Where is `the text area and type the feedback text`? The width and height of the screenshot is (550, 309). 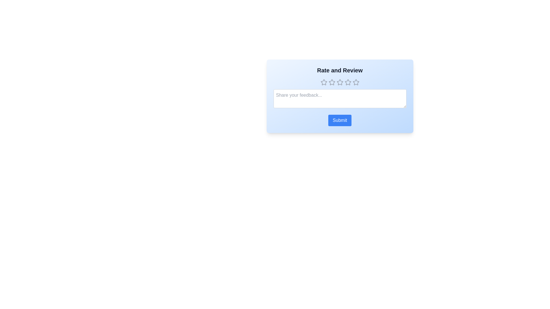 the text area and type the feedback text is located at coordinates (340, 98).